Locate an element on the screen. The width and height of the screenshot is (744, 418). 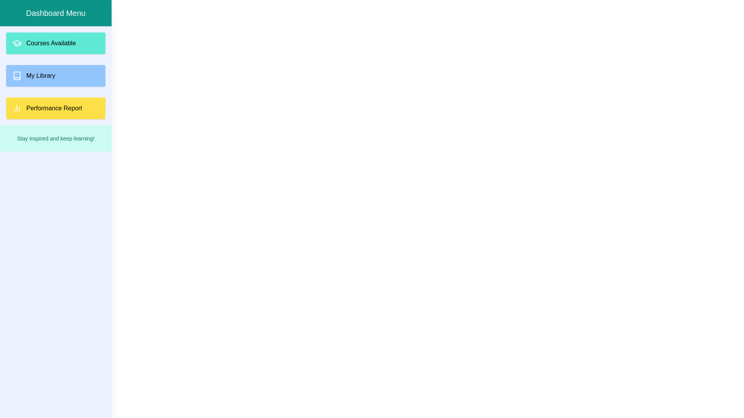
the 'Performance Report' button to view the related content is located at coordinates (55, 108).